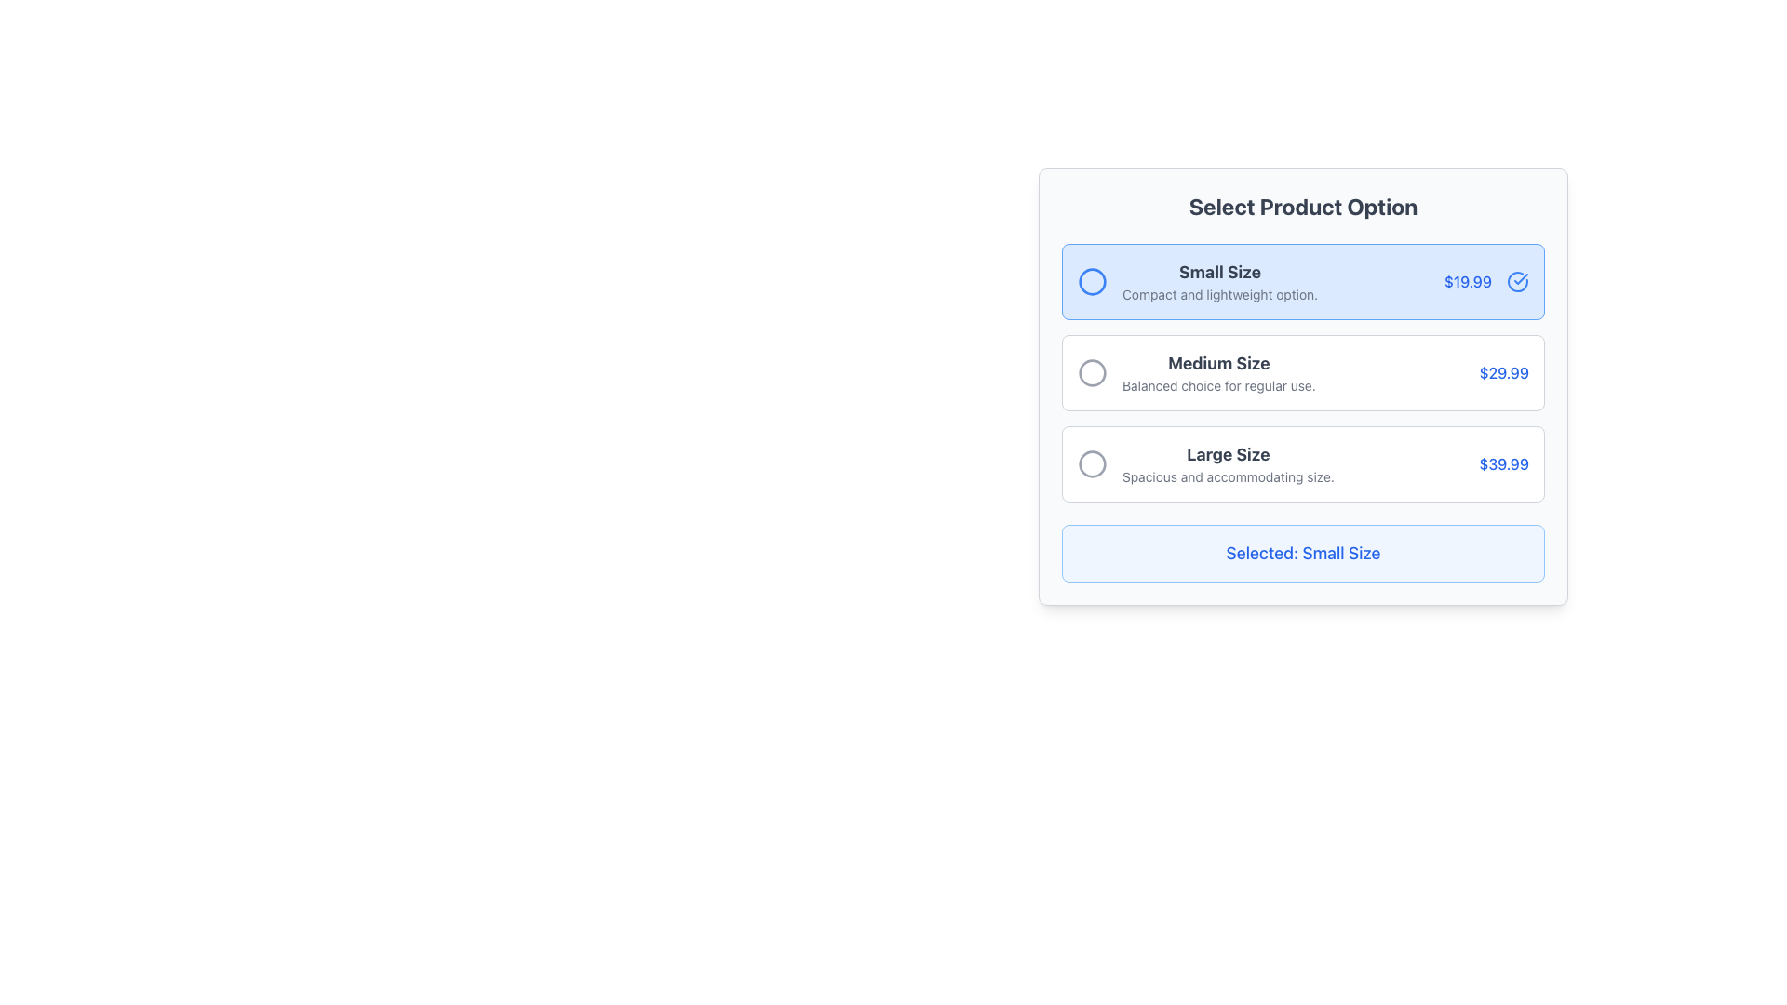 This screenshot has height=1005, width=1787. What do you see at coordinates (1219, 293) in the screenshot?
I see `the descriptive information text about the 'Small Size' product option, which is located directly below the 'Small Size' text within the blue-highlighted product option card on the top left corner of the card's content section` at bounding box center [1219, 293].